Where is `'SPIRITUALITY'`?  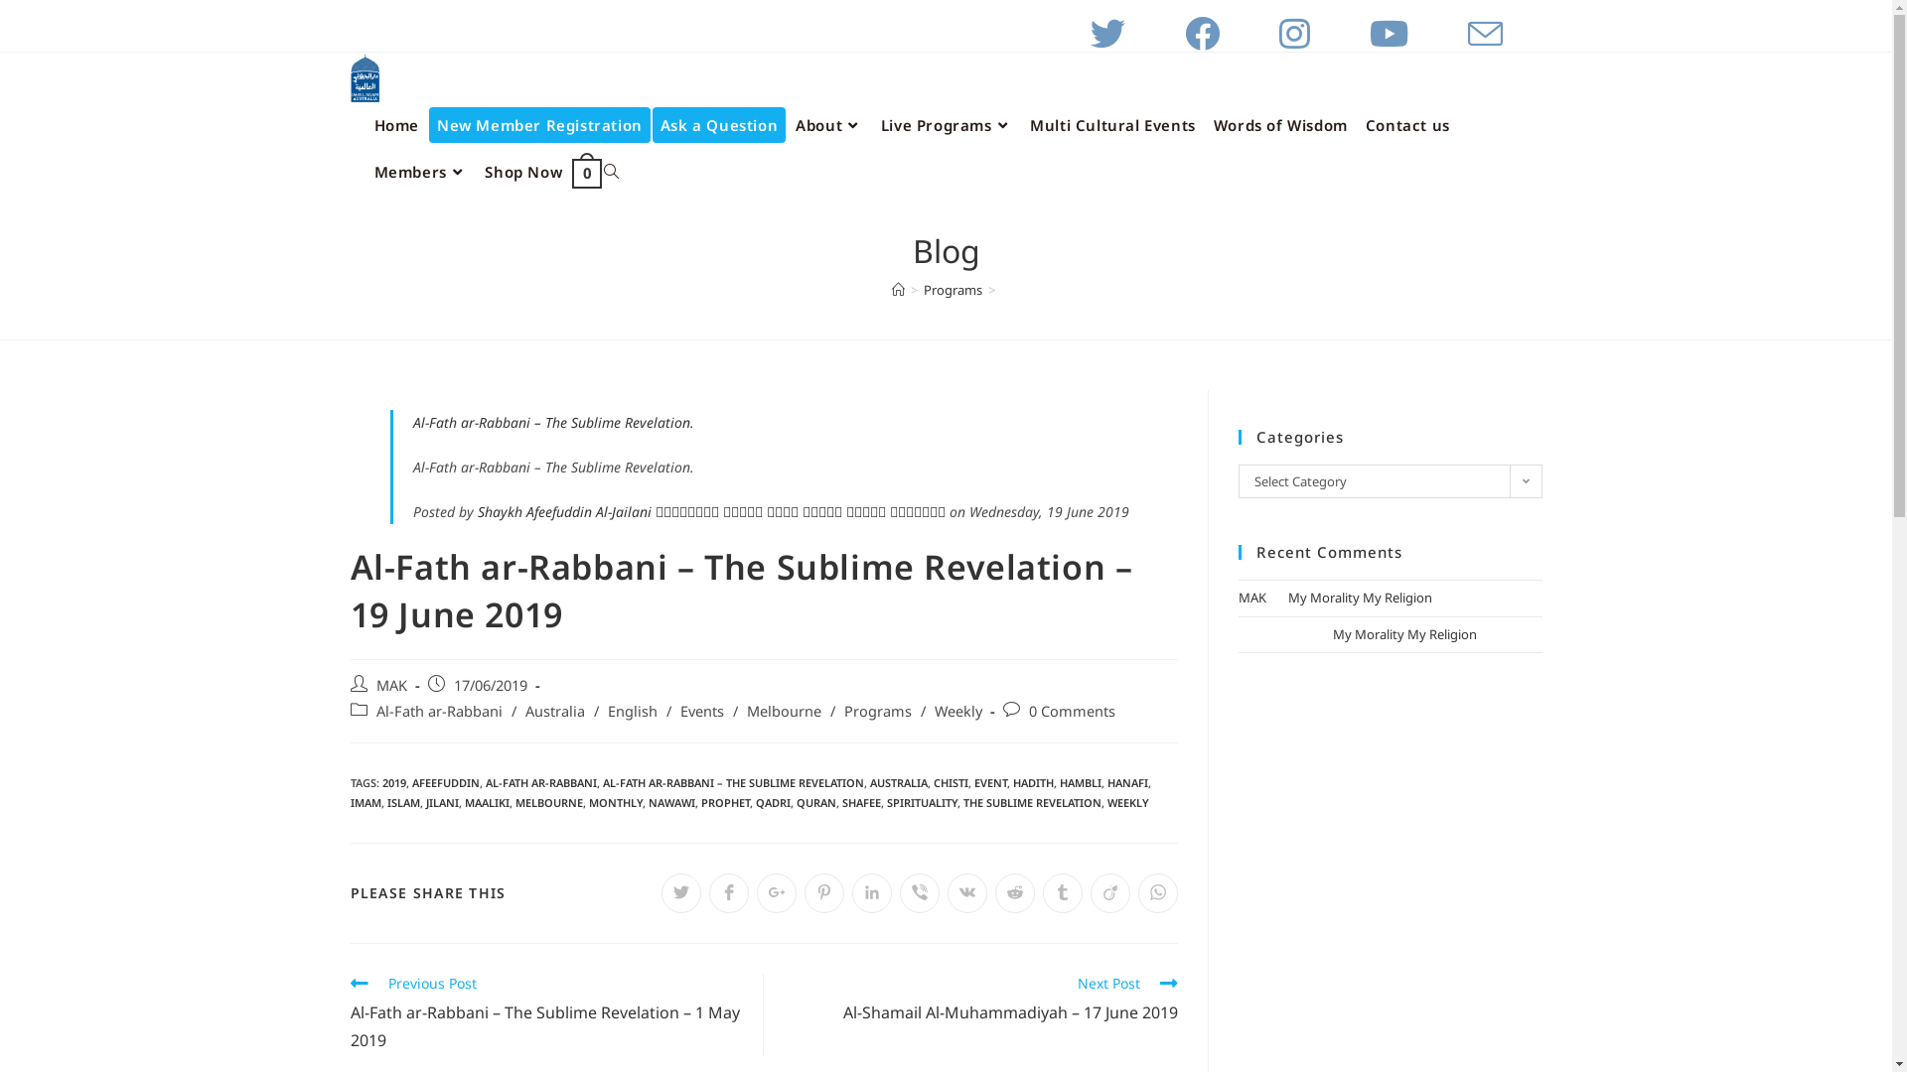
'SPIRITUALITY' is located at coordinates (885, 801).